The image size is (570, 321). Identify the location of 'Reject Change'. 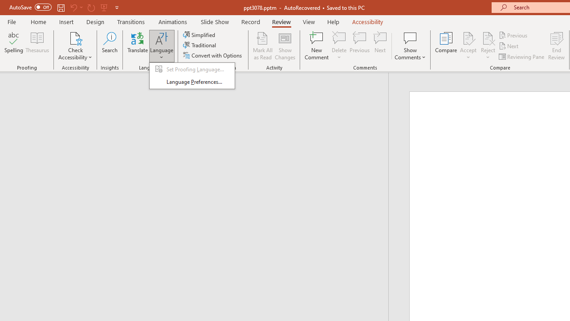
(488, 37).